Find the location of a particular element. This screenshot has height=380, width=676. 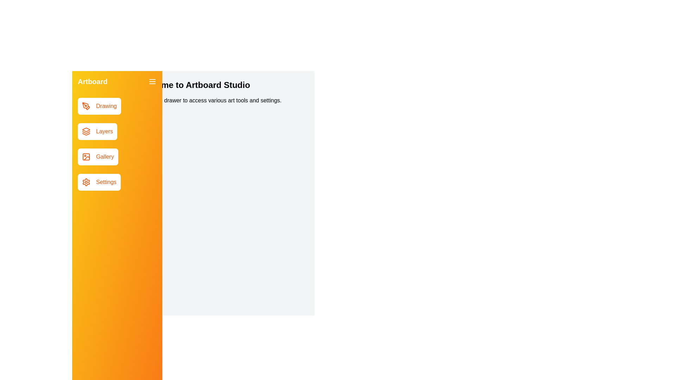

the settings button in the drawer is located at coordinates (99, 182).